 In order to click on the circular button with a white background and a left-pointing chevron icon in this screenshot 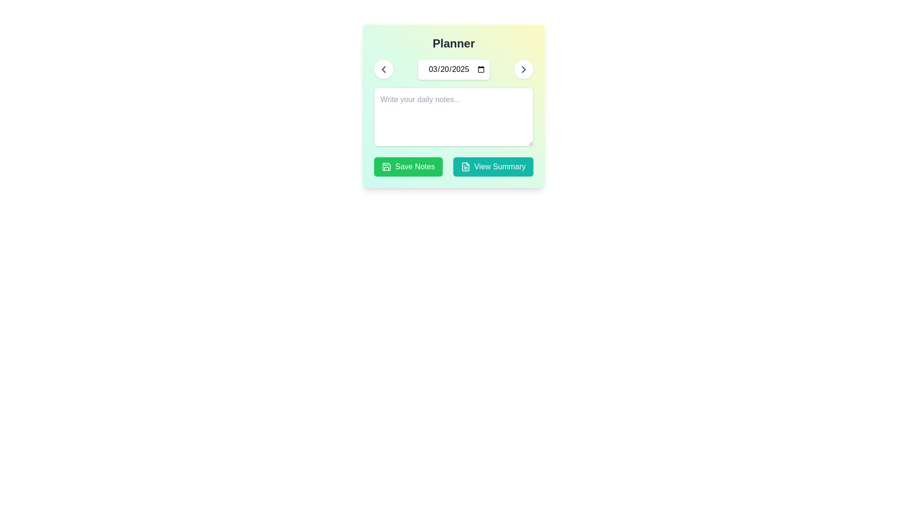, I will do `click(384, 69)`.